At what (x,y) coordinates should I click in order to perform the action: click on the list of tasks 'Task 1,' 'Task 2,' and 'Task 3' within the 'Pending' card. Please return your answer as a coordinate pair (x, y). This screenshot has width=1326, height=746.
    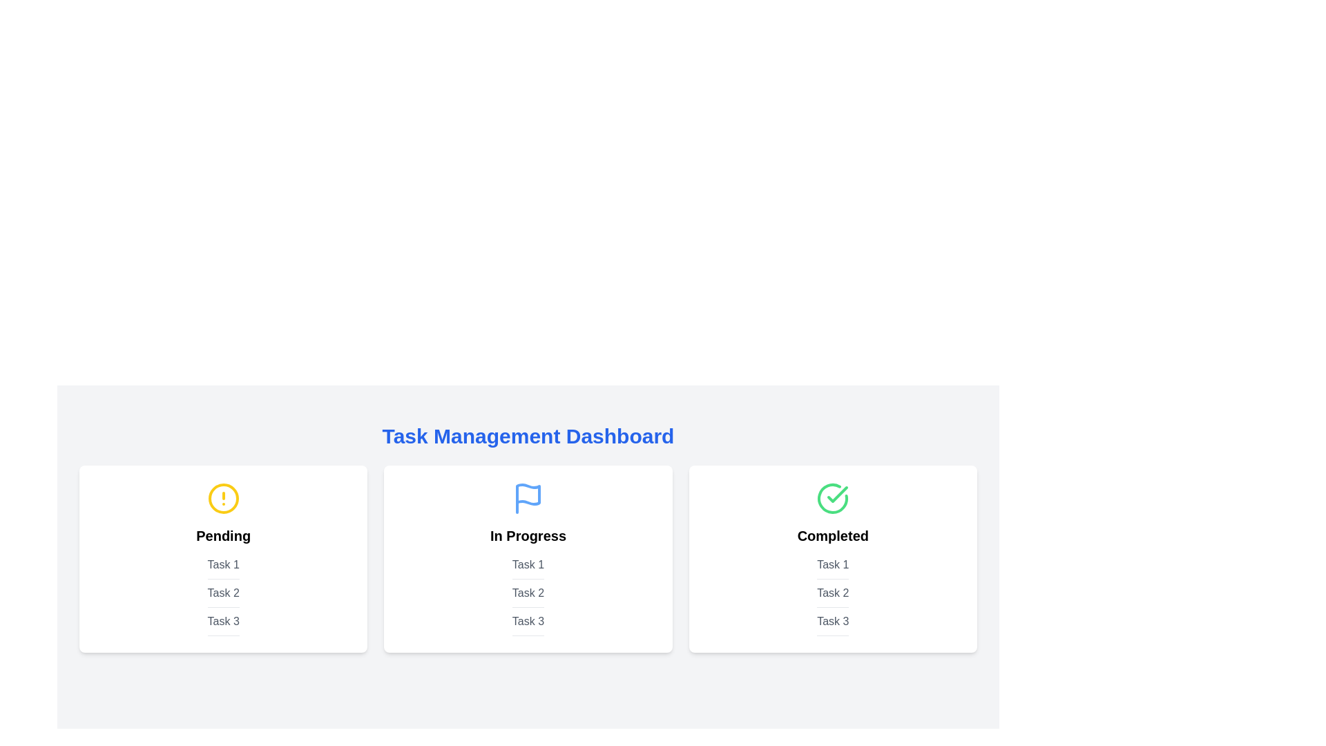
    Looking at the image, I should click on (223, 595).